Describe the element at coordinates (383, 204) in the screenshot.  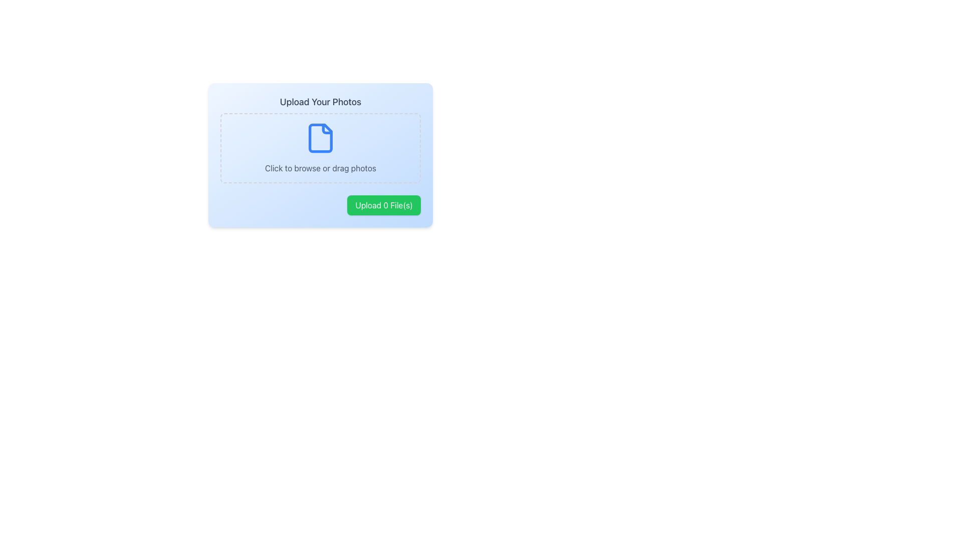
I see `the button located at the bottom-right corner of the 'Upload Your Photos' section to initiate the file upload process` at that location.